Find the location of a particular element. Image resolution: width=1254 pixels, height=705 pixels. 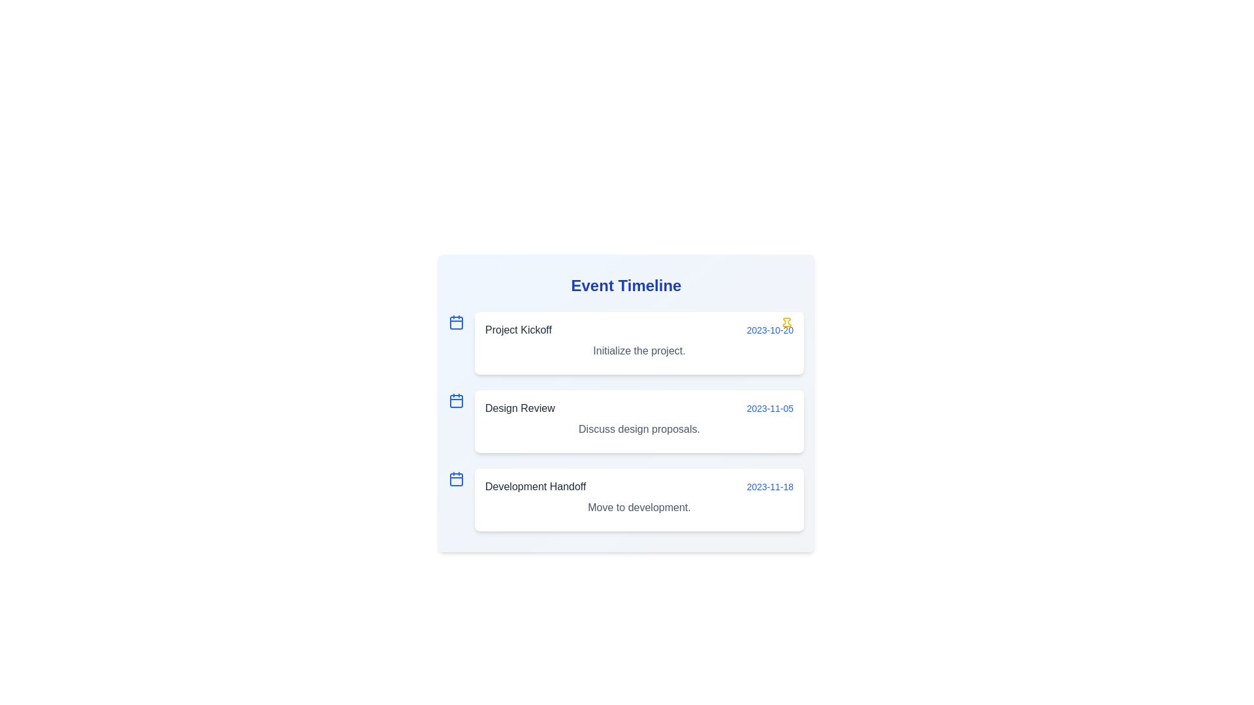

the decorative icon for the event titled 'Project Kickoff' is located at coordinates (457, 322).